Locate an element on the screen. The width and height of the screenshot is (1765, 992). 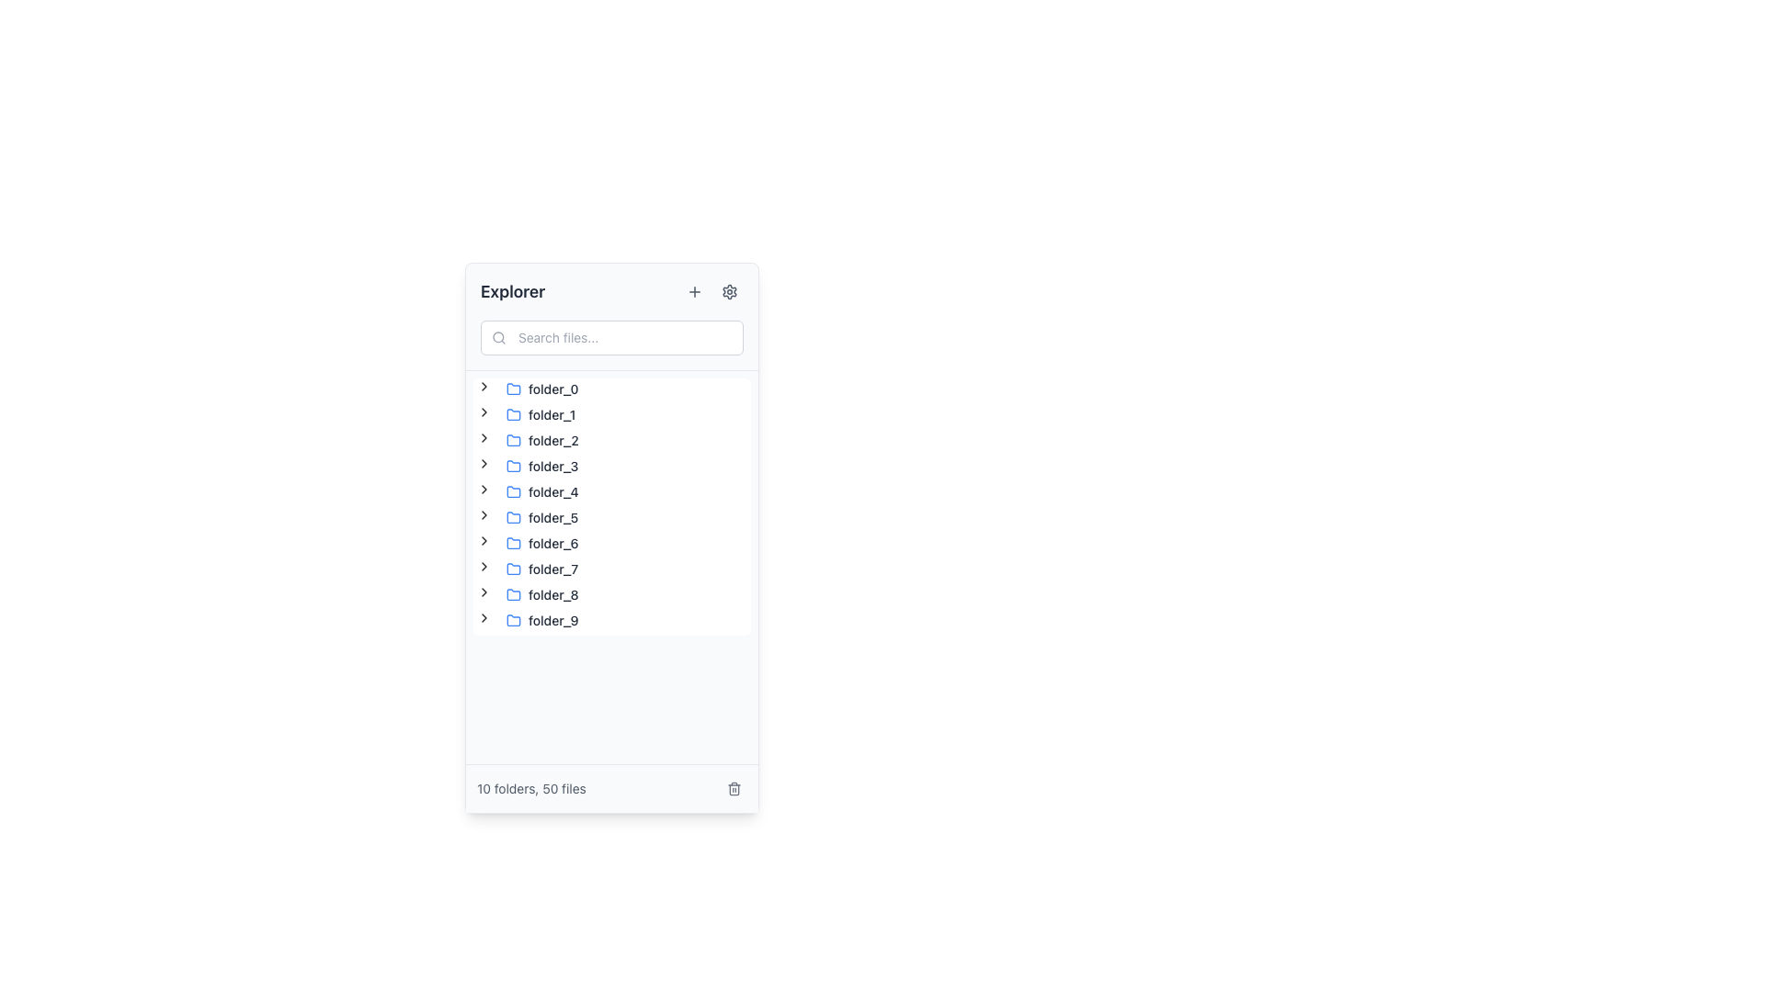
the rightward-pointing chevron icon next to the label 'folder_7' is located at coordinates (484, 566).